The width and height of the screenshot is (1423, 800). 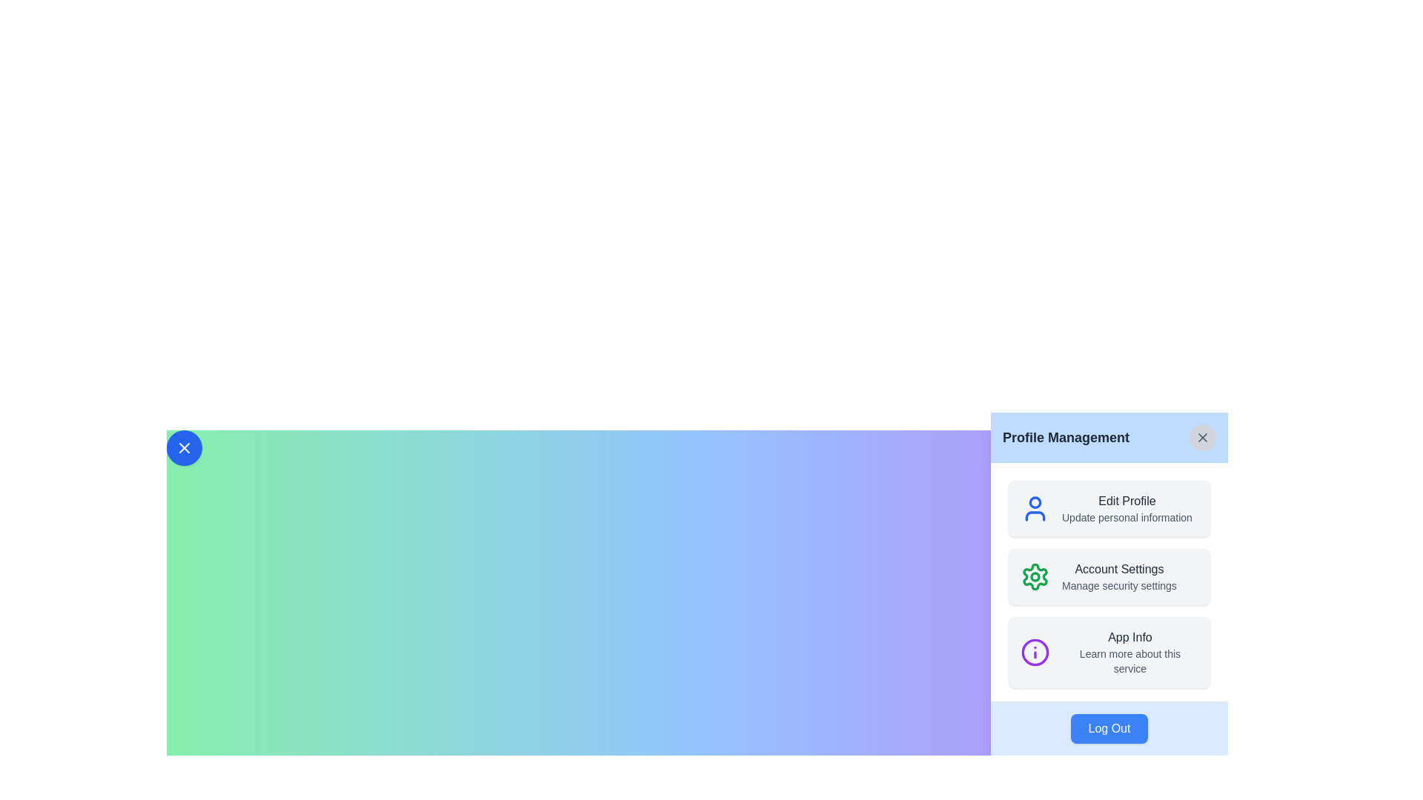 What do you see at coordinates (1130, 661) in the screenshot?
I see `the text label displaying 'Learn more about this service' which is located beneath the 'App Info' label in the Profile Management panel` at bounding box center [1130, 661].